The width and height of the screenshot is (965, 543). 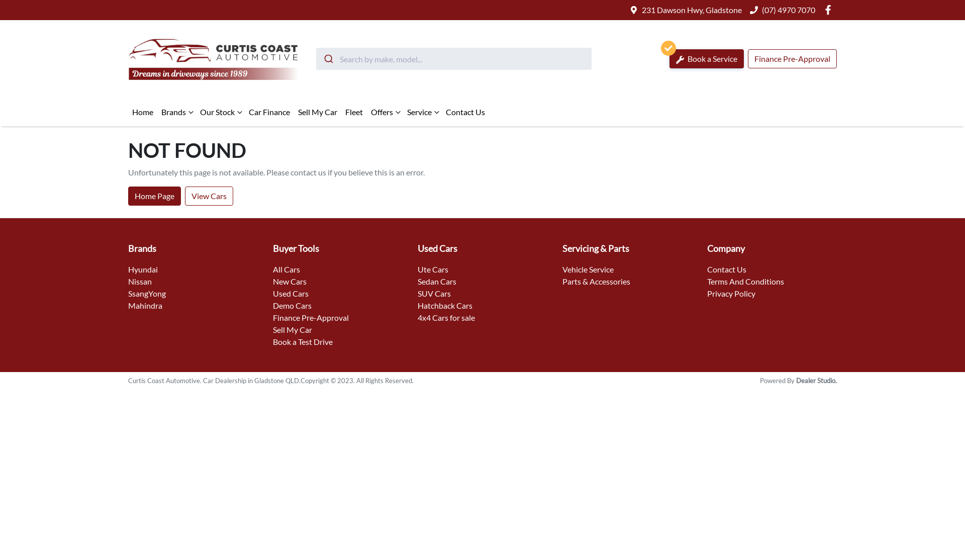 I want to click on 'View Cars', so click(x=209, y=196).